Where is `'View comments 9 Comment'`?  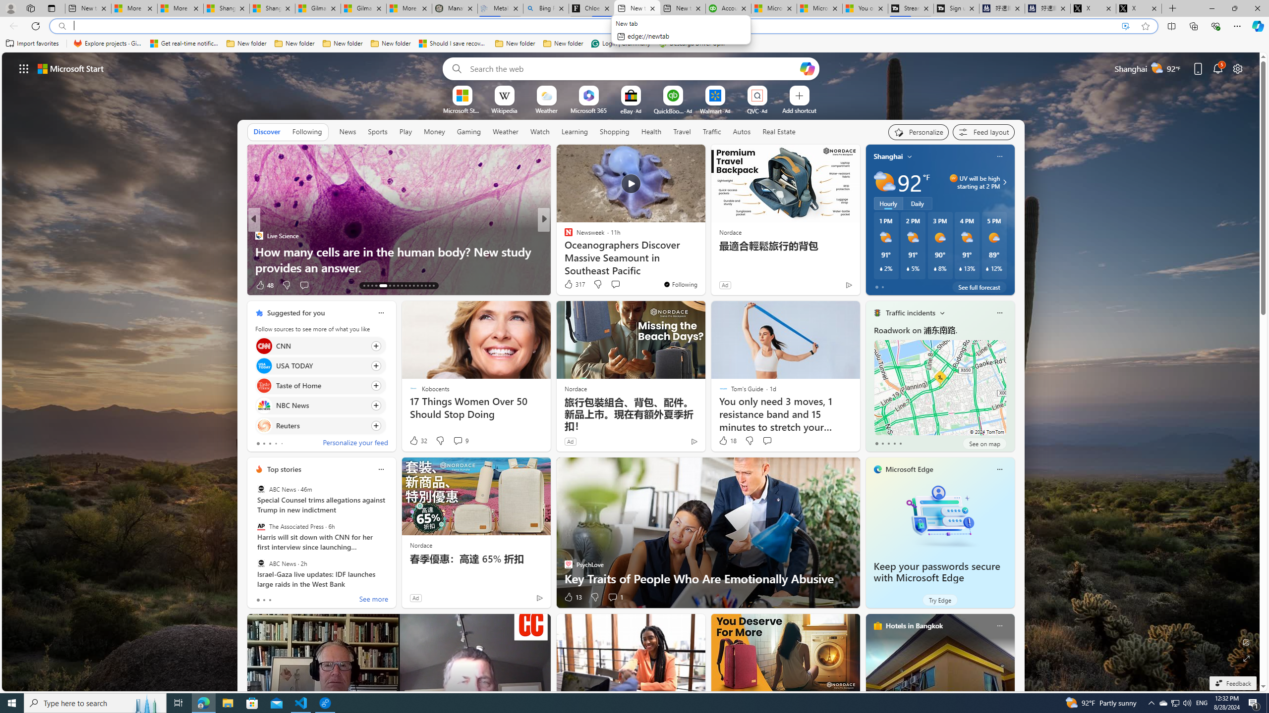 'View comments 9 Comment' is located at coordinates (461, 440).